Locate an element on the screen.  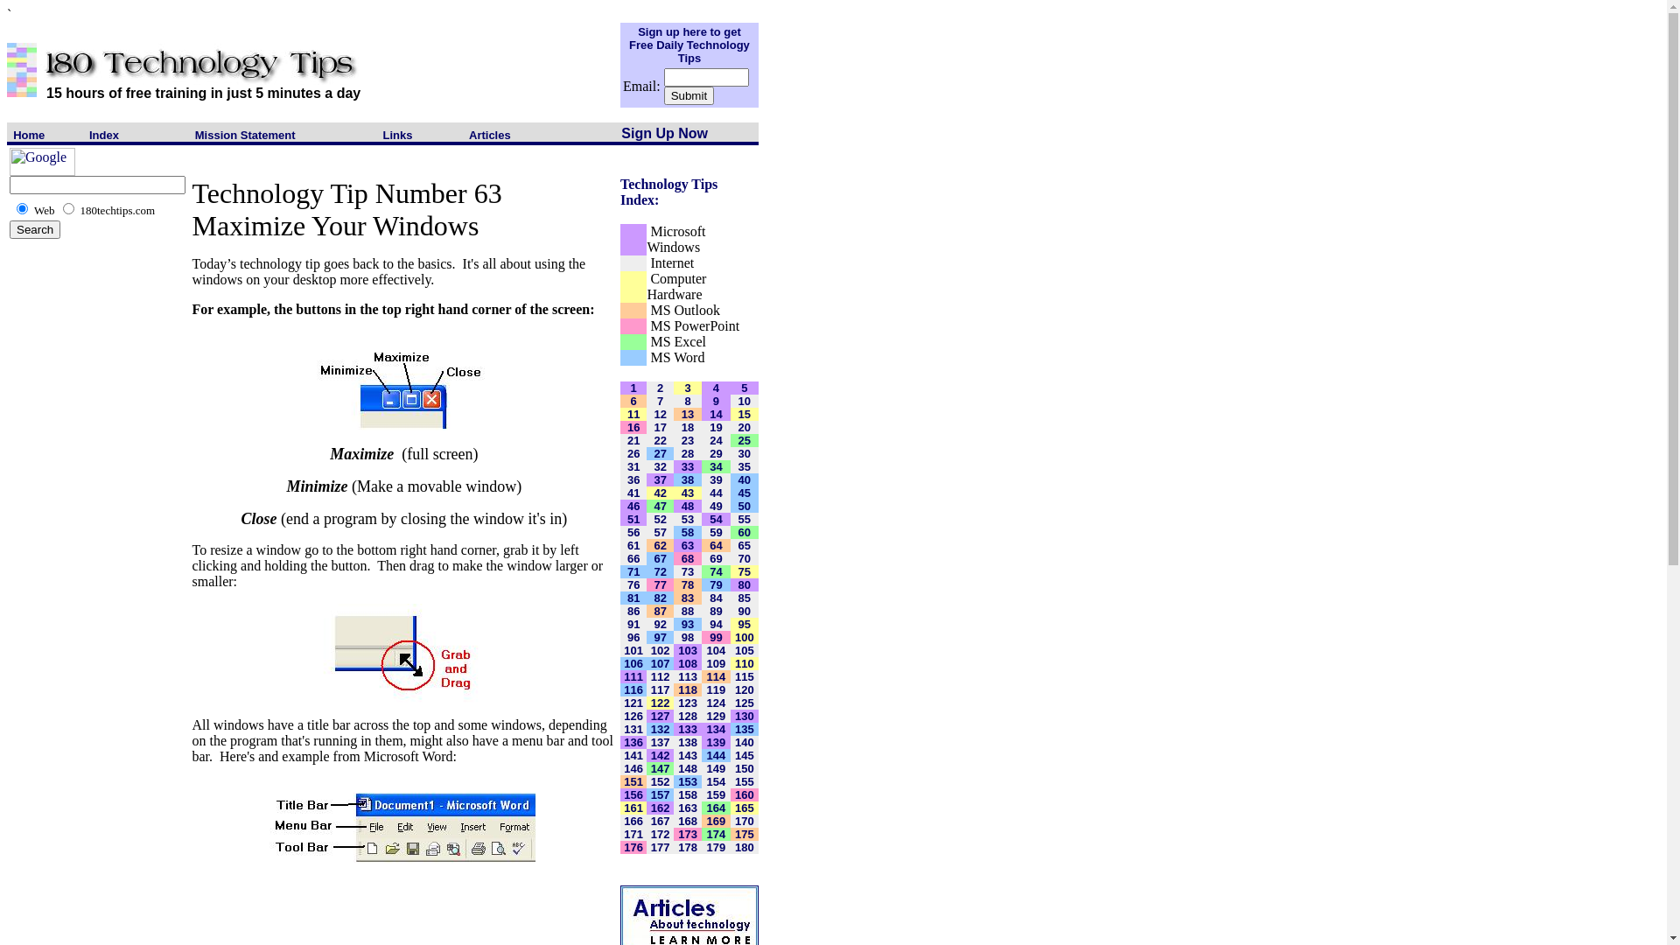
'142' is located at coordinates (659, 753).